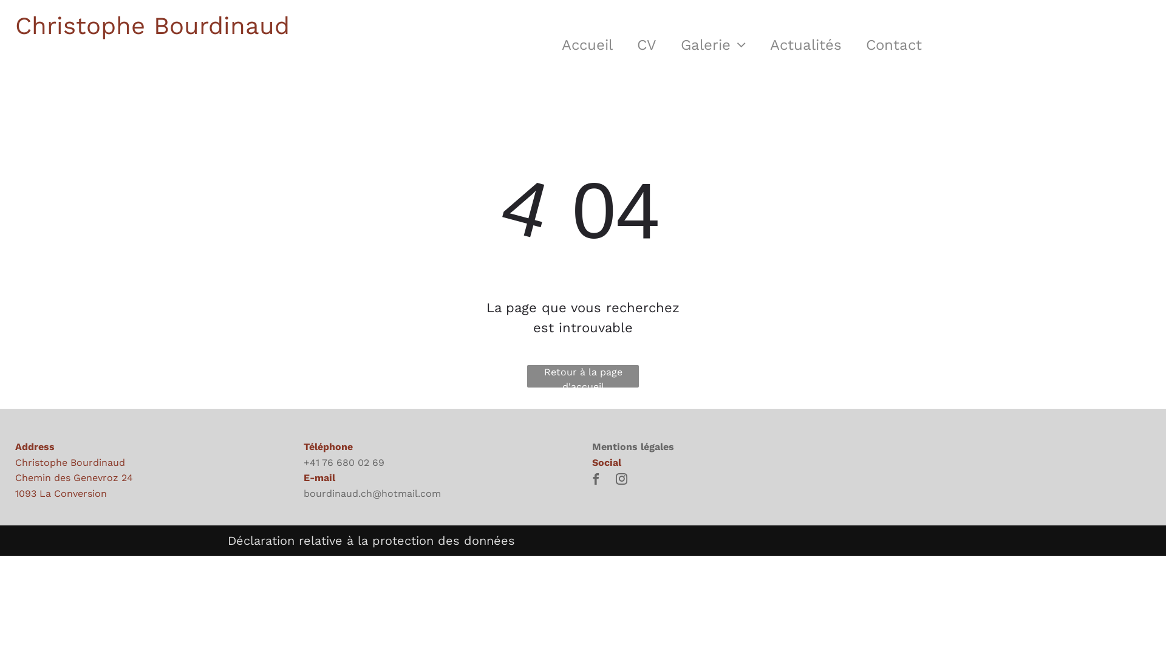  I want to click on 'CV', so click(646, 44).